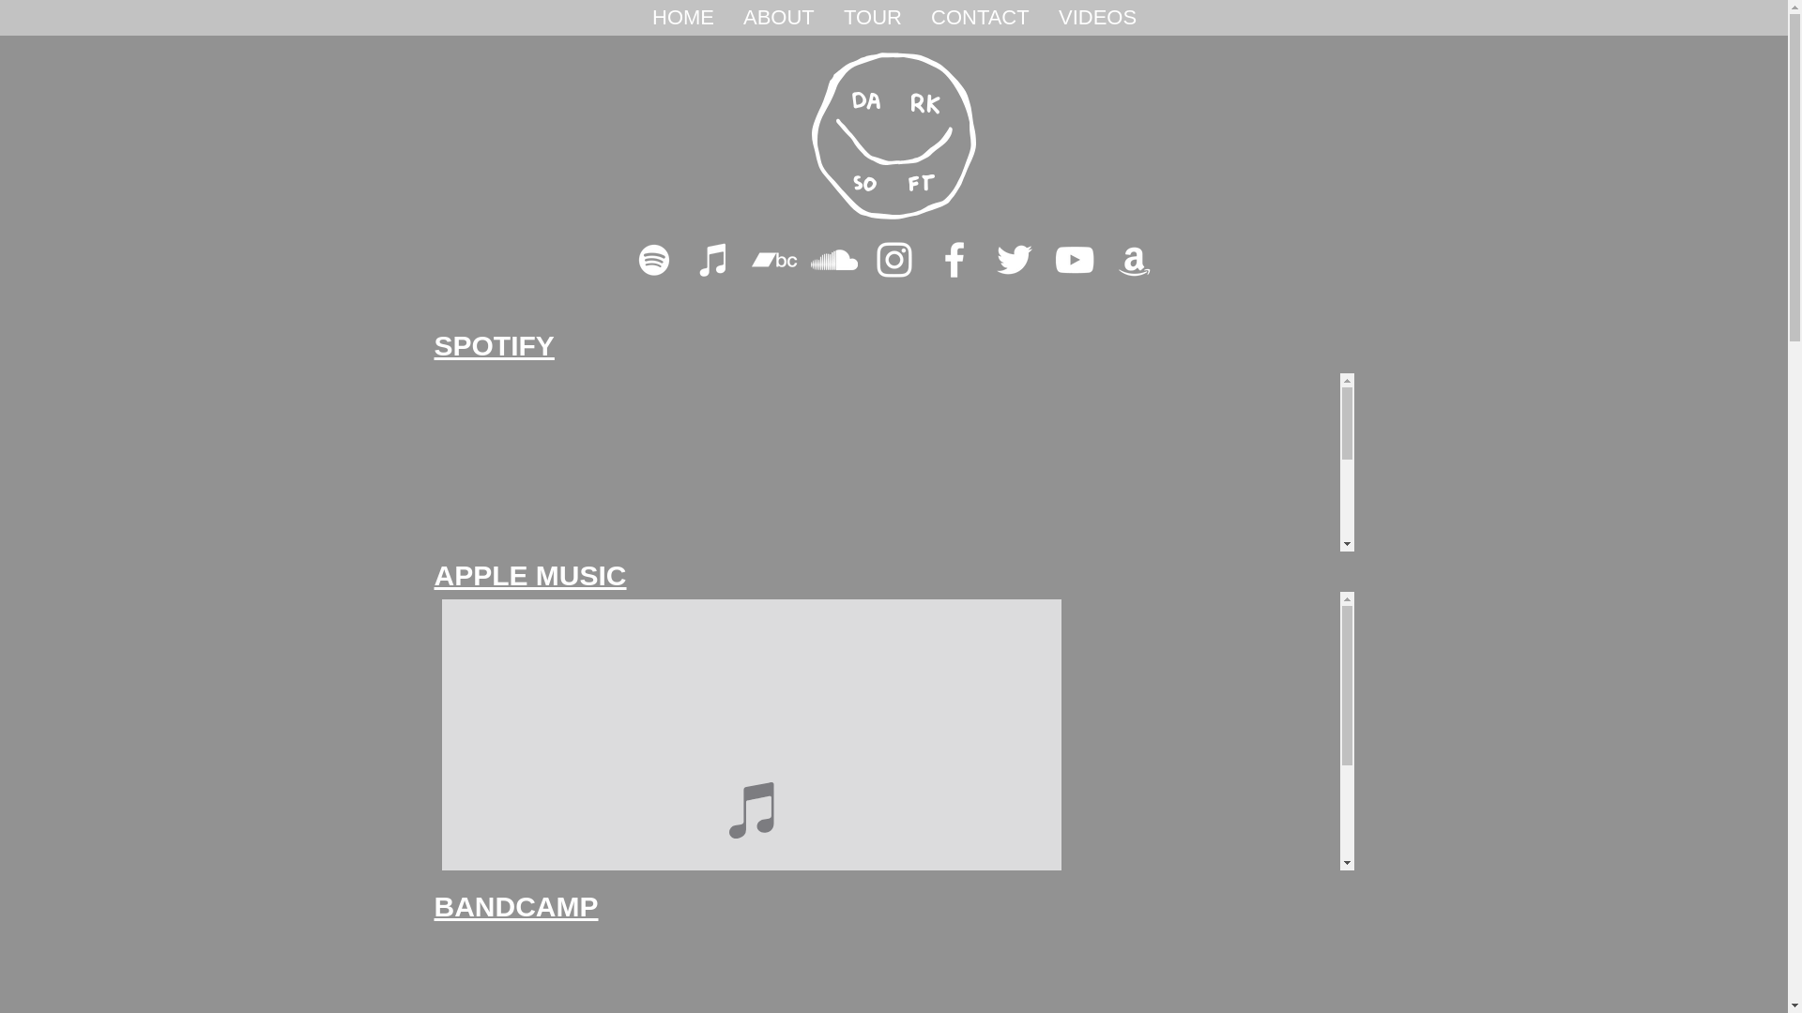 The height and width of the screenshot is (1013, 1802). Describe the element at coordinates (892, 730) in the screenshot. I see `'Embedded Content'` at that location.